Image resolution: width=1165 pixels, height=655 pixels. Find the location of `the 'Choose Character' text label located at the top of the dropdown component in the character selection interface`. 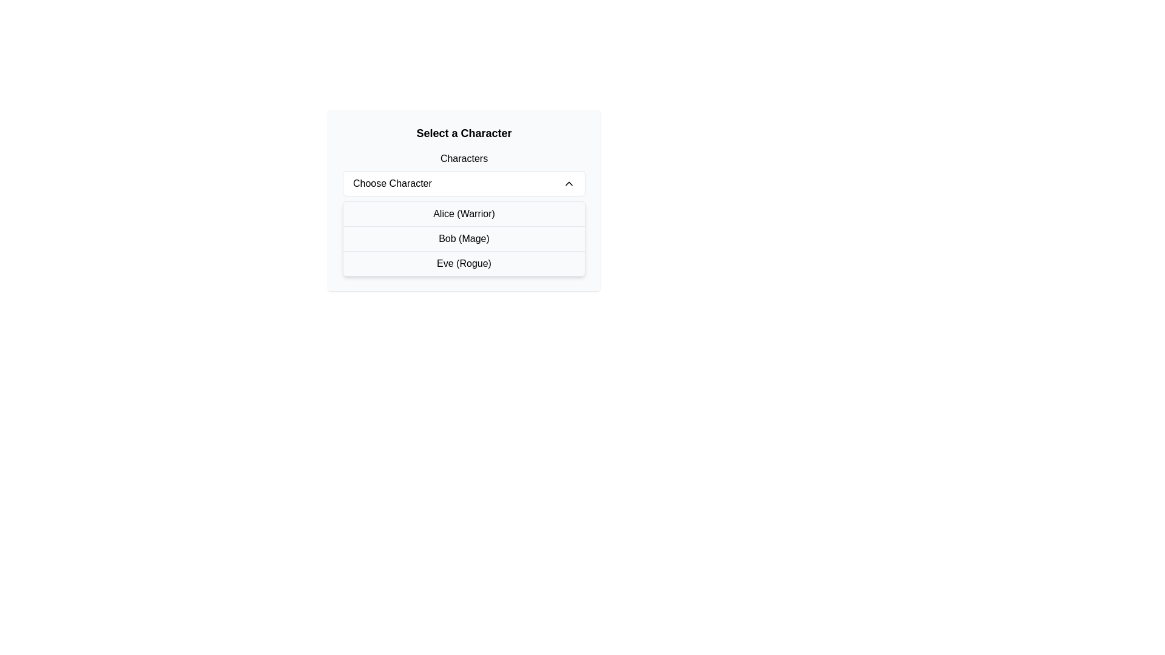

the 'Choose Character' text label located at the top of the dropdown component in the character selection interface is located at coordinates (392, 184).